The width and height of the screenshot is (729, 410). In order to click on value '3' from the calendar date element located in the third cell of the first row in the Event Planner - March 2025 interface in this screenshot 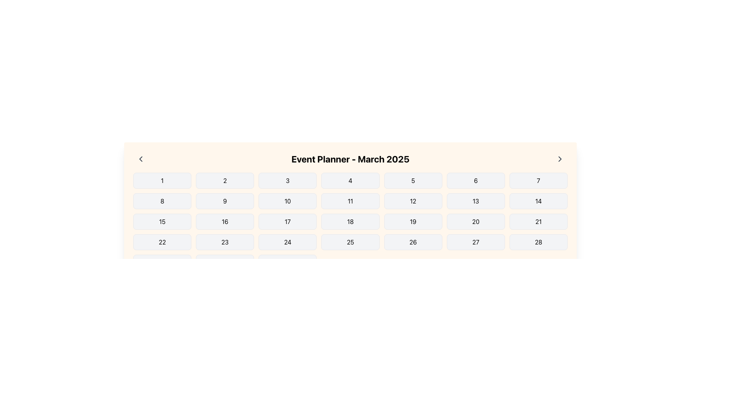, I will do `click(287, 180)`.